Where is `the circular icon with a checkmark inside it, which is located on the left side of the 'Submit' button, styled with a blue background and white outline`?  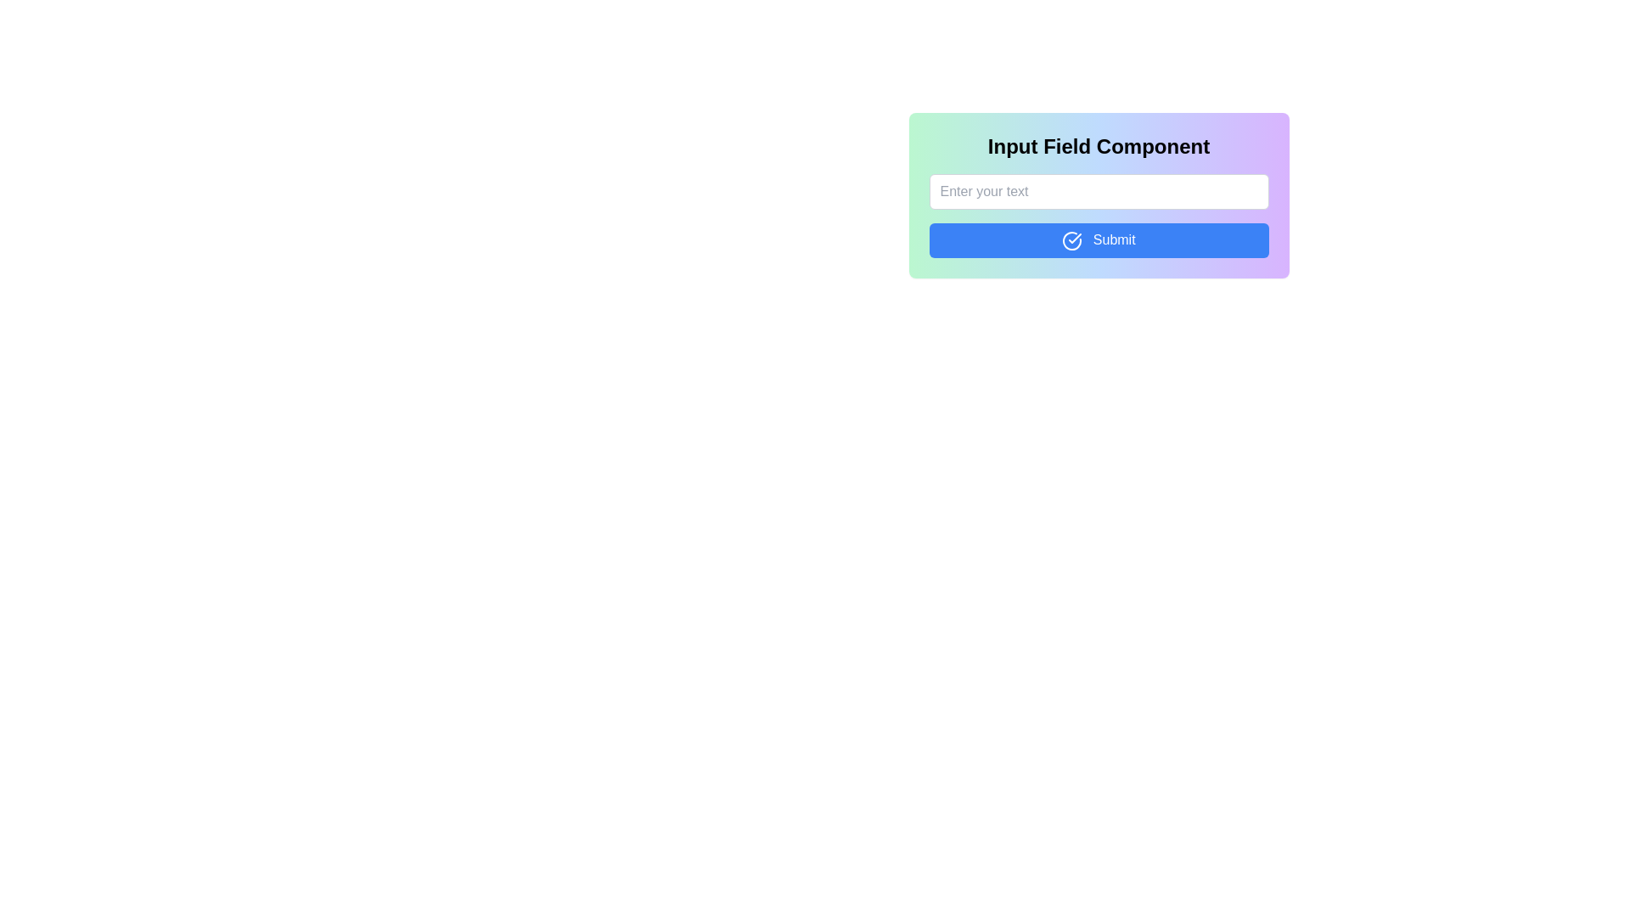
the circular icon with a checkmark inside it, which is located on the left side of the 'Submit' button, styled with a blue background and white outline is located at coordinates (1071, 240).